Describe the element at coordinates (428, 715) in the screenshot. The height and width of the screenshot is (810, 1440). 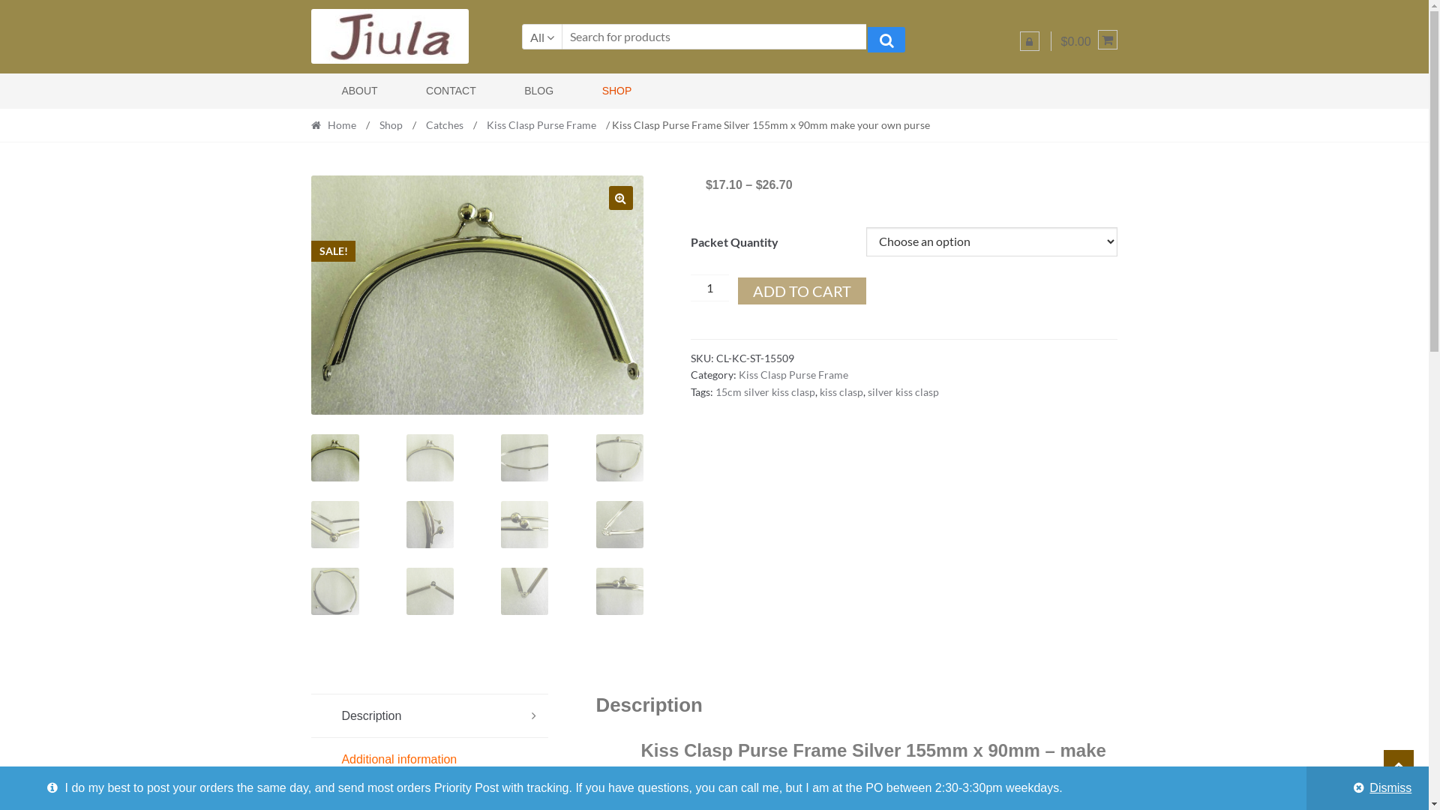
I see `'Description'` at that location.